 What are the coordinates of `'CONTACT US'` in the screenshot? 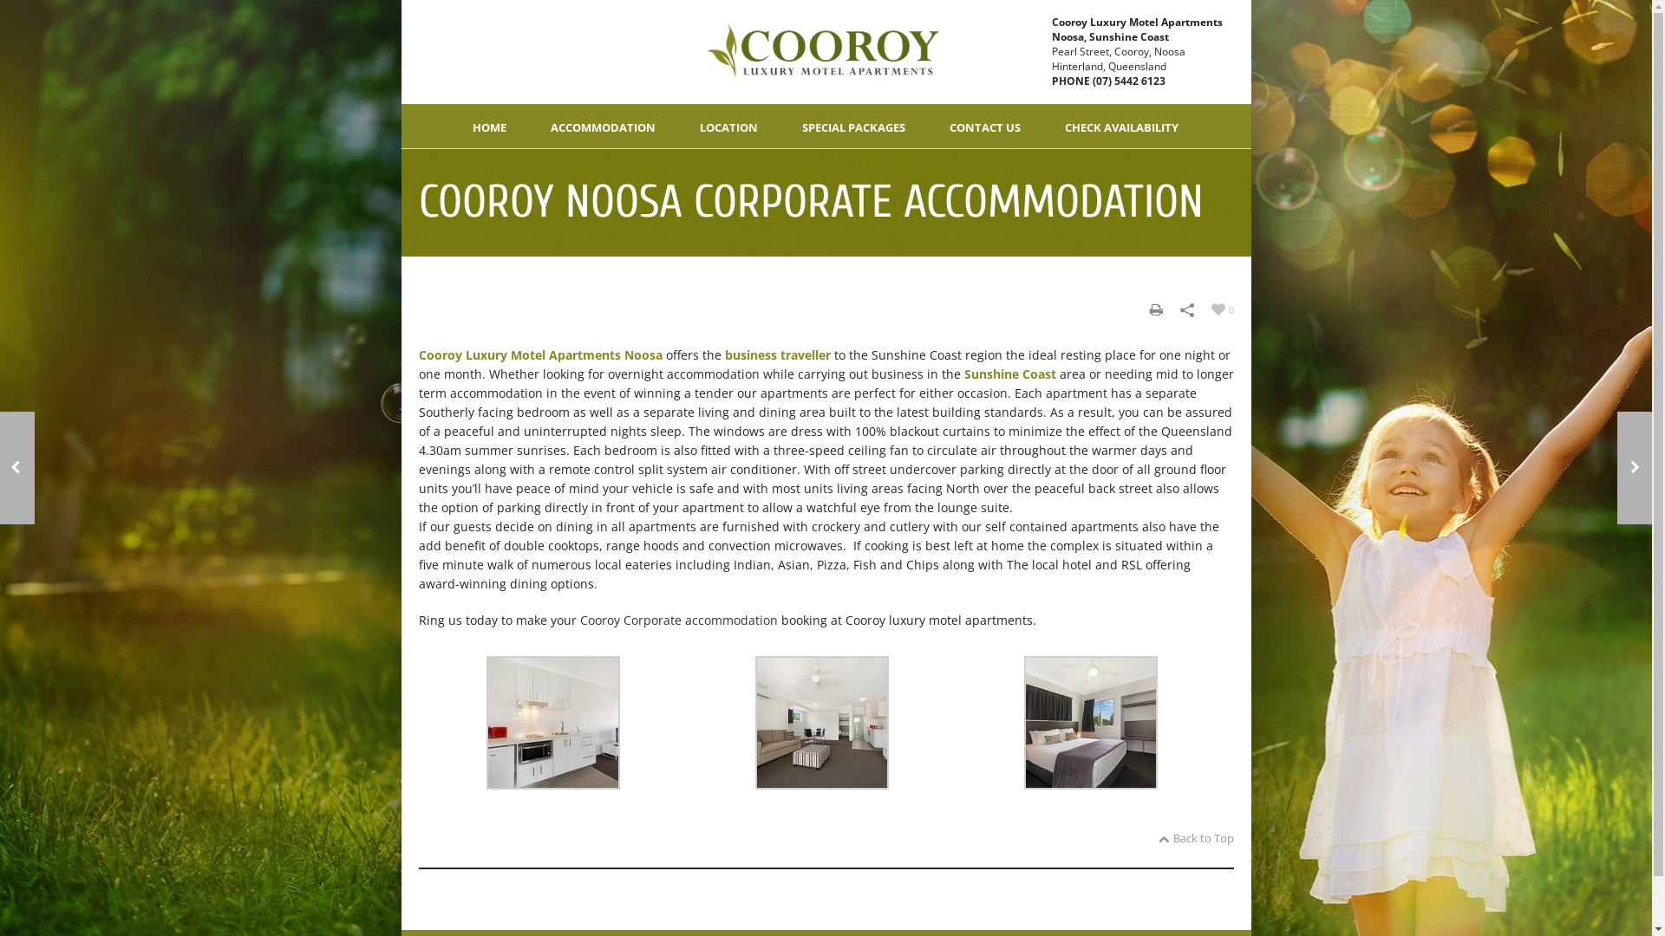 It's located at (985, 126).